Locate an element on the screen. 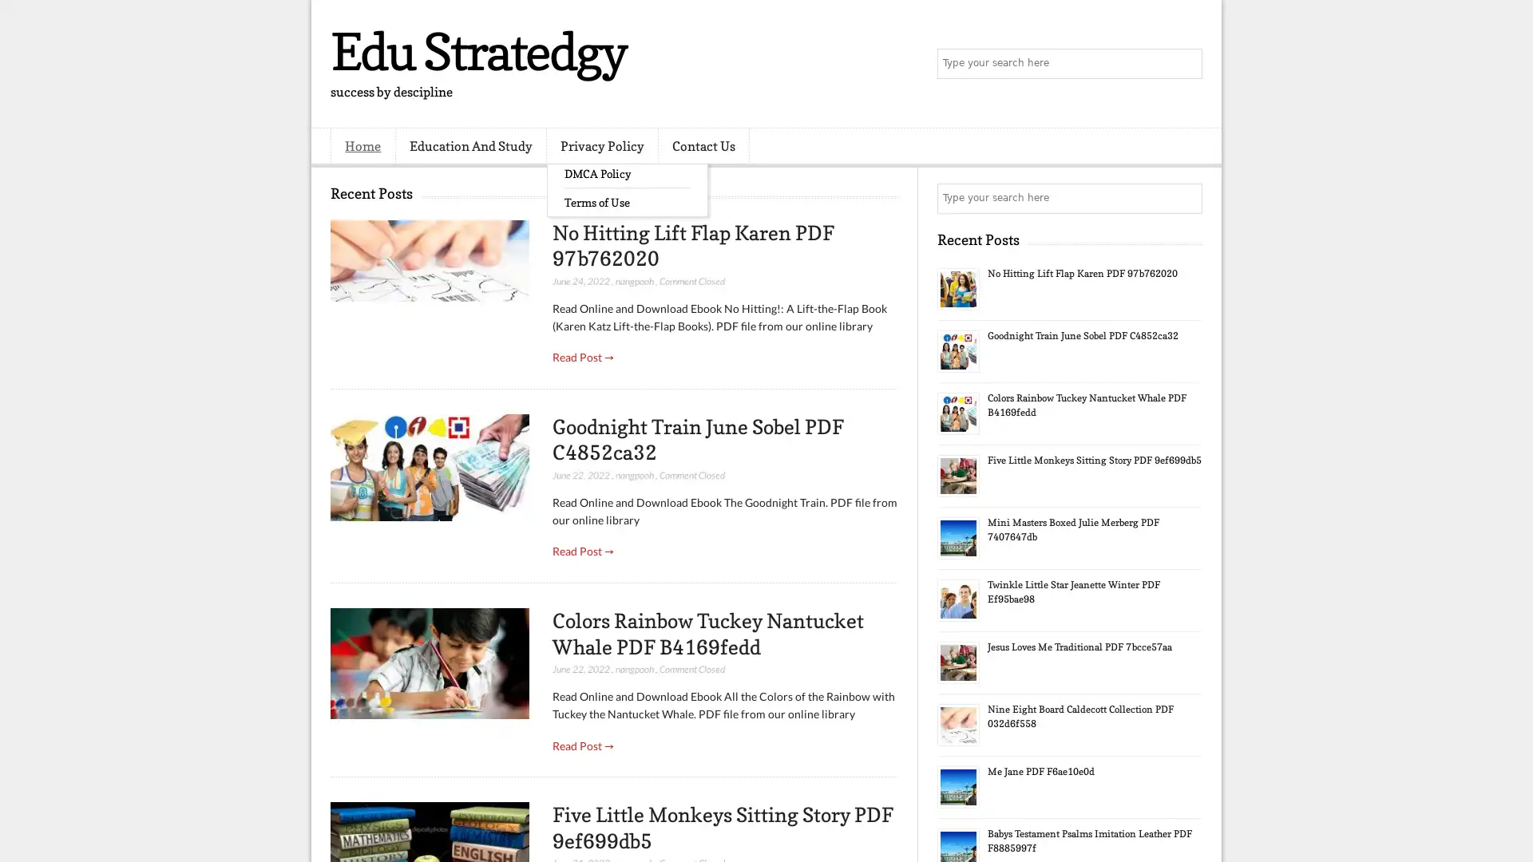 The width and height of the screenshot is (1533, 862). Search is located at coordinates (1186, 198).